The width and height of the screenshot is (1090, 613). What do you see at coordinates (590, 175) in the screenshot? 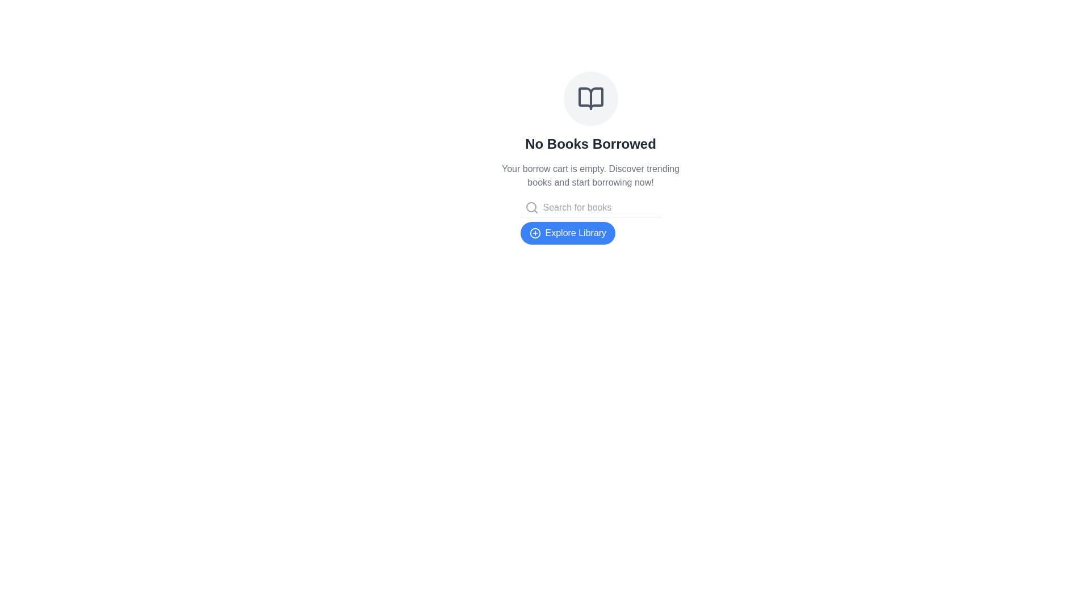
I see `the static text message providing feedback about the borrow cart status, located centrally below the title 'No Books Borrowed' and above the search bar` at bounding box center [590, 175].